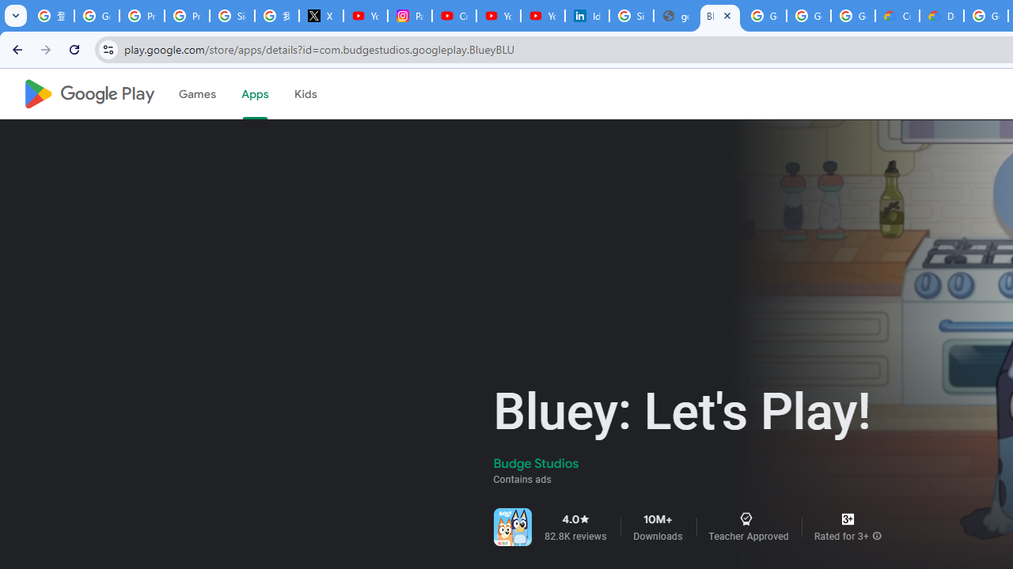 The width and height of the screenshot is (1013, 569). Describe the element at coordinates (142, 16) in the screenshot. I see `'Privacy Help Center - Policies Help'` at that location.